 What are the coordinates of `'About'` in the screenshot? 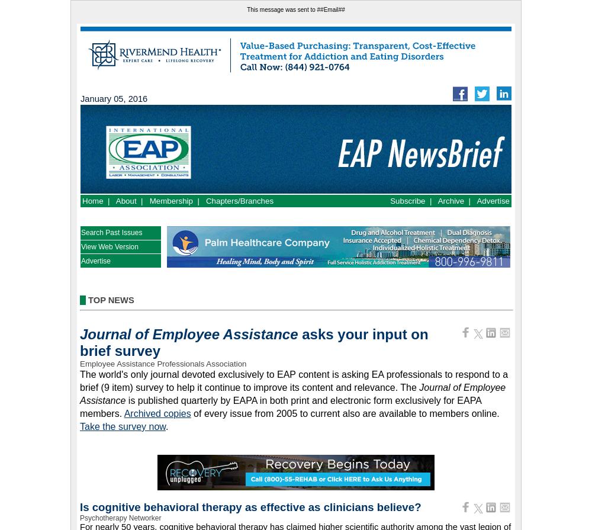 It's located at (125, 201).